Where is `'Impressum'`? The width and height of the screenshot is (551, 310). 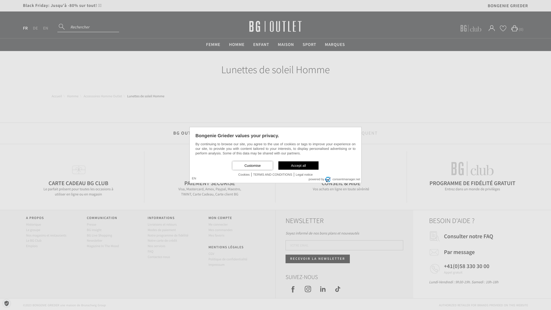
'Impressum' is located at coordinates (216, 265).